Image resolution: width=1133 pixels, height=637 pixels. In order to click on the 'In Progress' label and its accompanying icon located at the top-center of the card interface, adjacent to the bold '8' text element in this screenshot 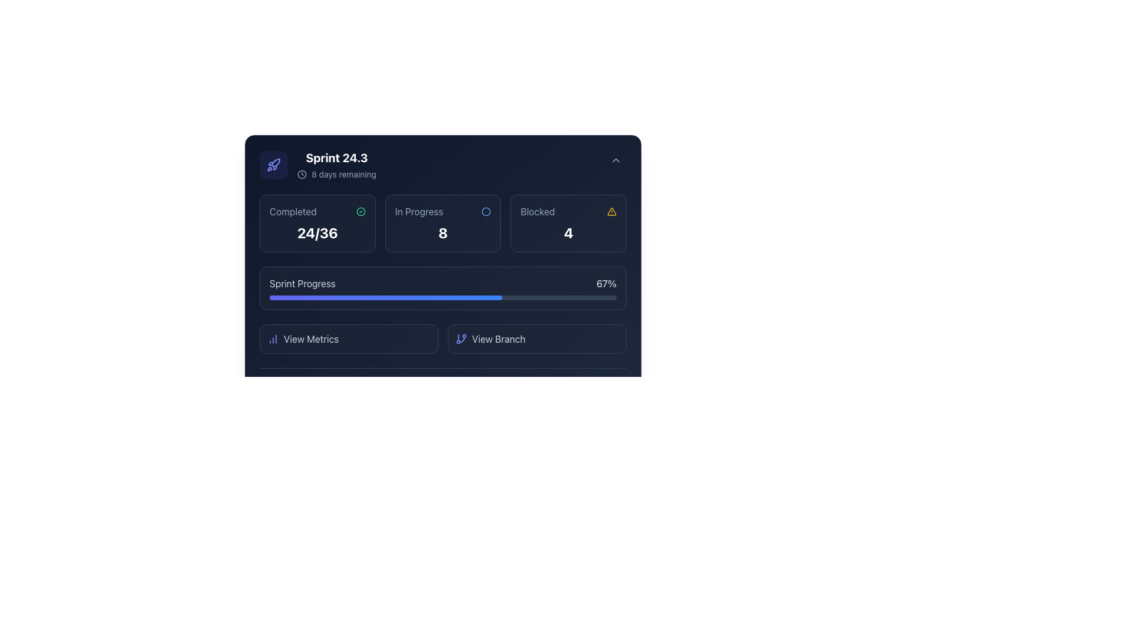, I will do `click(442, 211)`.